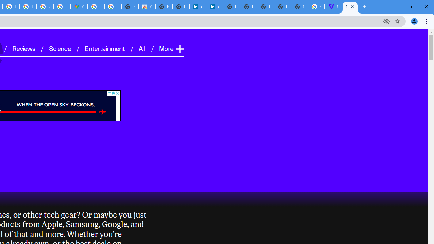  What do you see at coordinates (214, 7) in the screenshot?
I see `'Cookie Policy | LinkedIn'` at bounding box center [214, 7].